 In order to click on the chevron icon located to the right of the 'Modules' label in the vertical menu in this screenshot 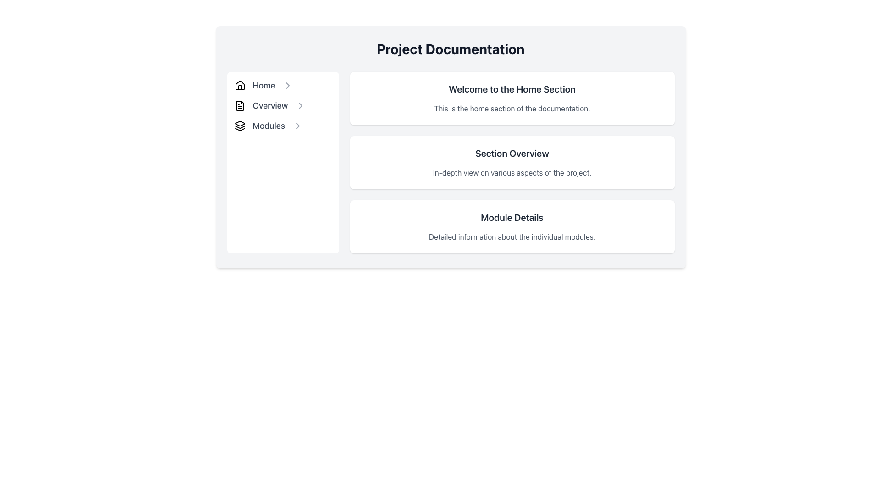, I will do `click(297, 126)`.